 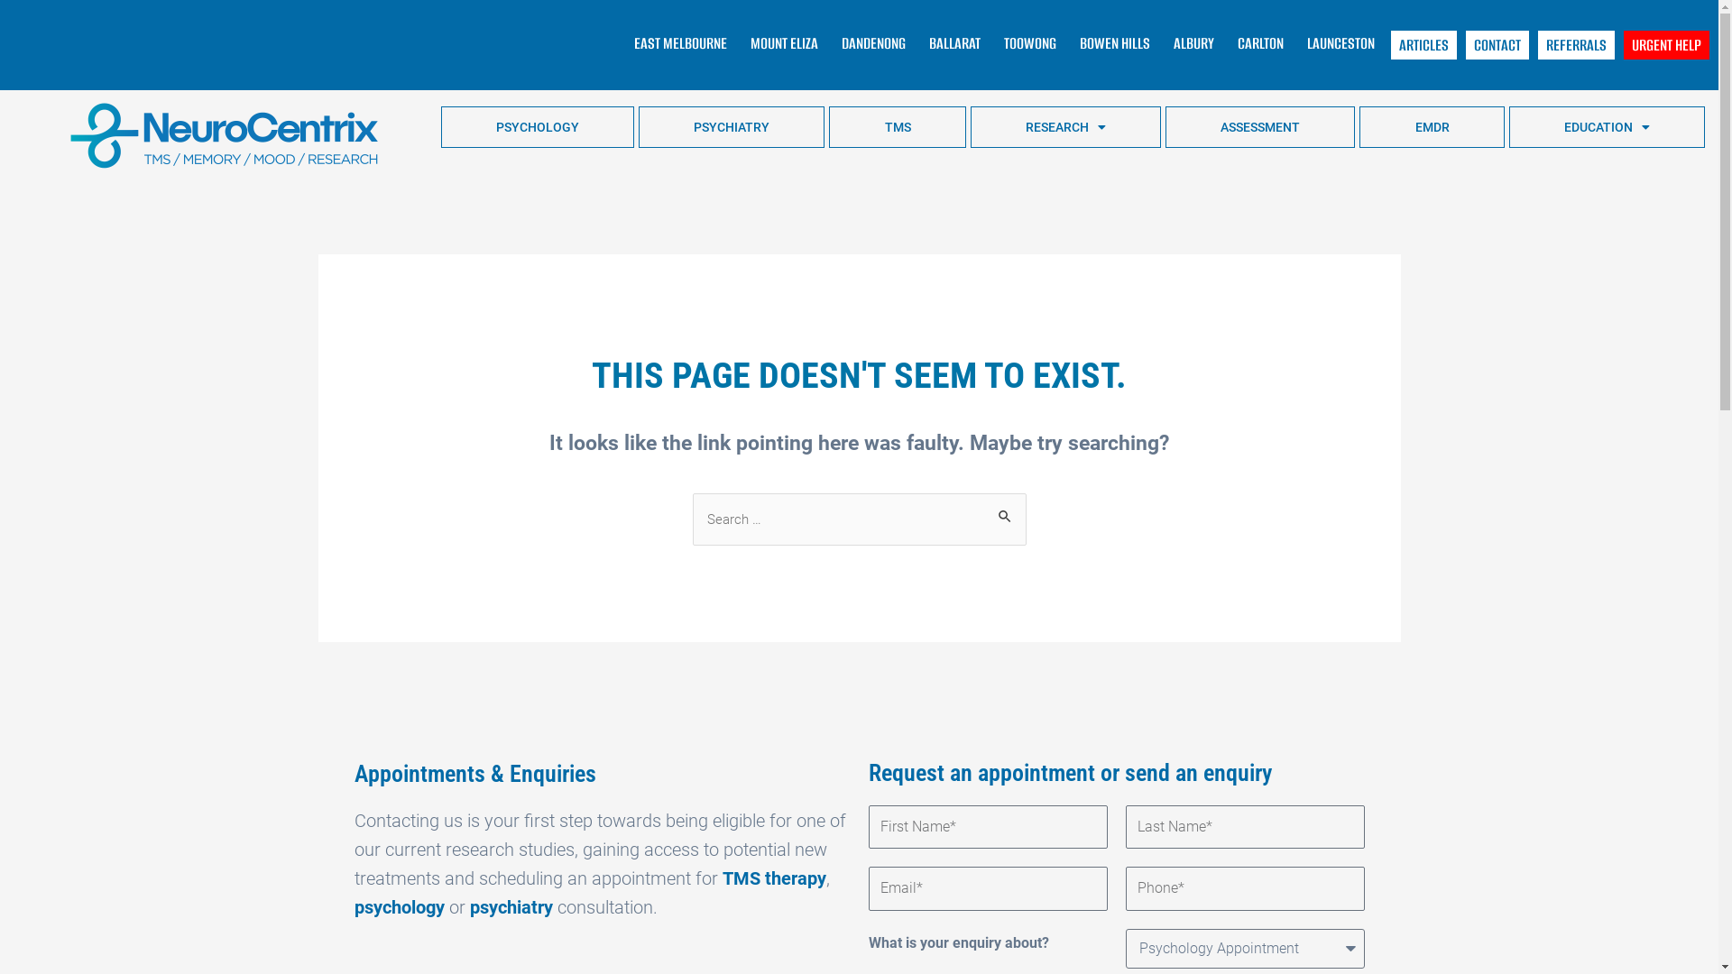 What do you see at coordinates (1340, 41) in the screenshot?
I see `'LAUNCESTON'` at bounding box center [1340, 41].